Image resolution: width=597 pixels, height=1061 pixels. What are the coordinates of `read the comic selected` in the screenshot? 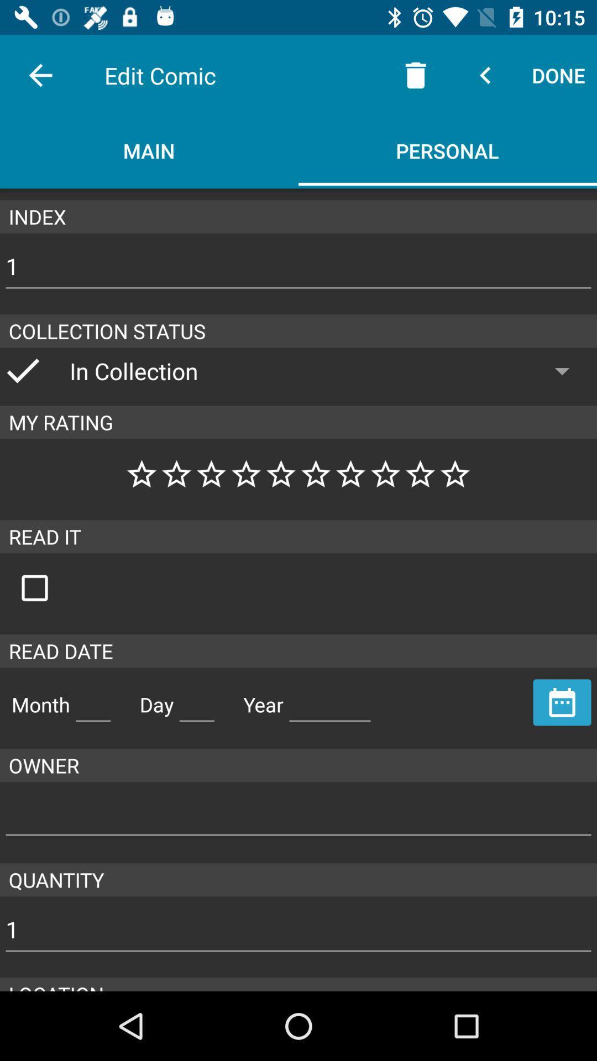 It's located at (46, 587).